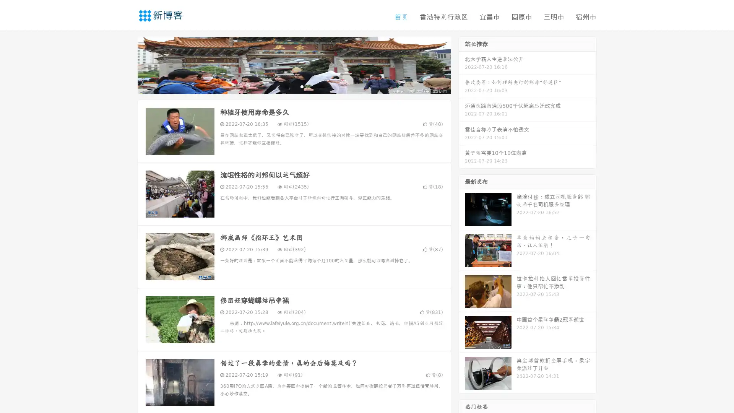  What do you see at coordinates (126, 64) in the screenshot?
I see `Previous slide` at bounding box center [126, 64].